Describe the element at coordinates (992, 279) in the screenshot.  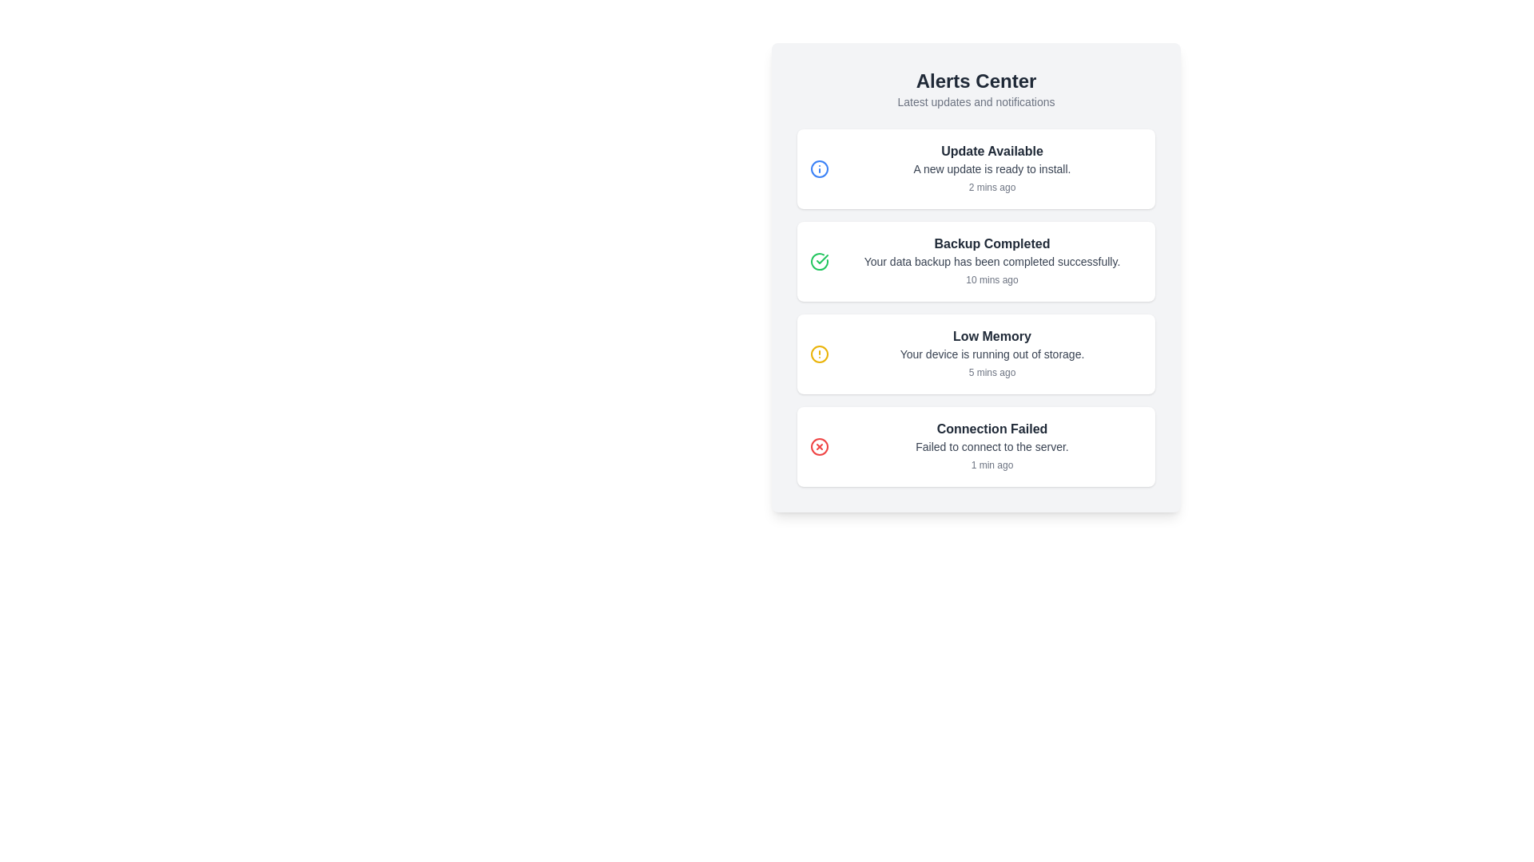
I see `textual indicator displaying '10 mins ago', which is styled in a small, light gray font and located at the bottom right of the 'Backup Completed' notification box` at that location.